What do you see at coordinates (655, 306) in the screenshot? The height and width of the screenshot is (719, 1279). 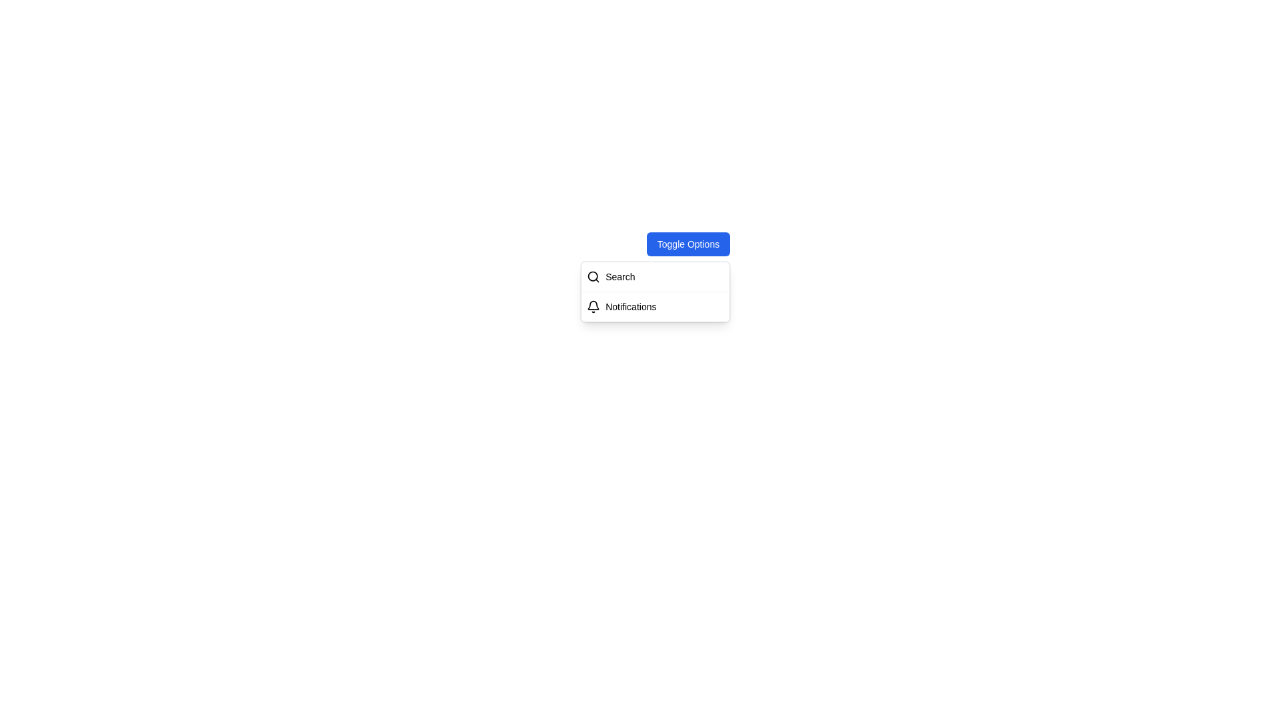 I see `the bottom list item of the dropdown menu labeled 'Notifications' which has a notification bell icon` at bounding box center [655, 306].